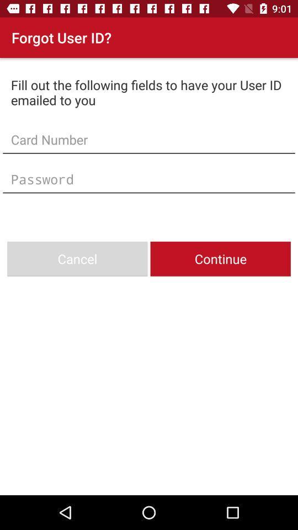  Describe the element at coordinates (77, 259) in the screenshot. I see `icon to the left of the continue item` at that location.